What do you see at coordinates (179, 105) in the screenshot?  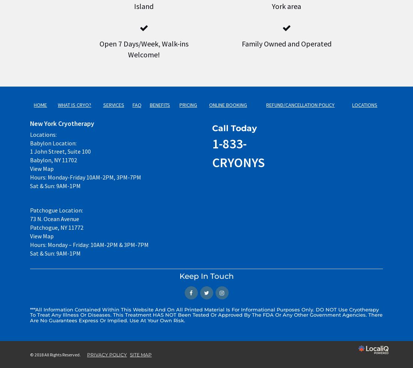 I see `'PRICING'` at bounding box center [179, 105].